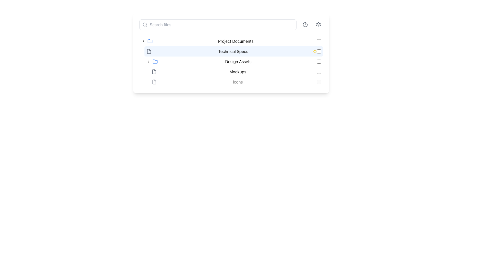 The height and width of the screenshot is (275, 490). I want to click on the icon that visually indicates the 'Technical Specs' document, positioned to the left of the 'Technical Specs' text, so click(149, 51).